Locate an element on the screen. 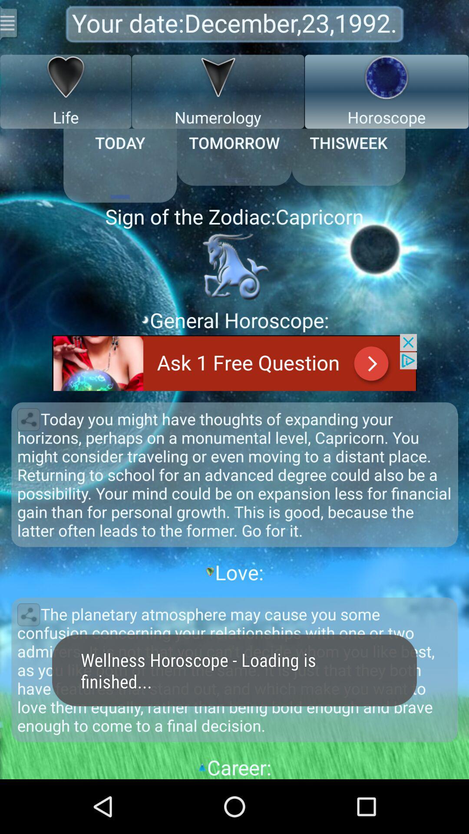 Image resolution: width=469 pixels, height=834 pixels. share is located at coordinates (28, 614).